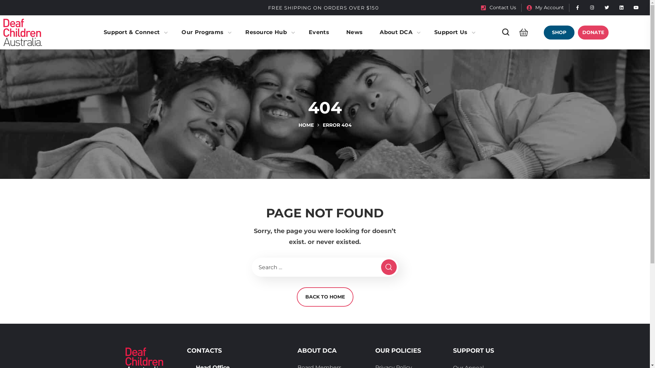 Image resolution: width=655 pixels, height=368 pixels. I want to click on 'My Account', so click(526, 7).